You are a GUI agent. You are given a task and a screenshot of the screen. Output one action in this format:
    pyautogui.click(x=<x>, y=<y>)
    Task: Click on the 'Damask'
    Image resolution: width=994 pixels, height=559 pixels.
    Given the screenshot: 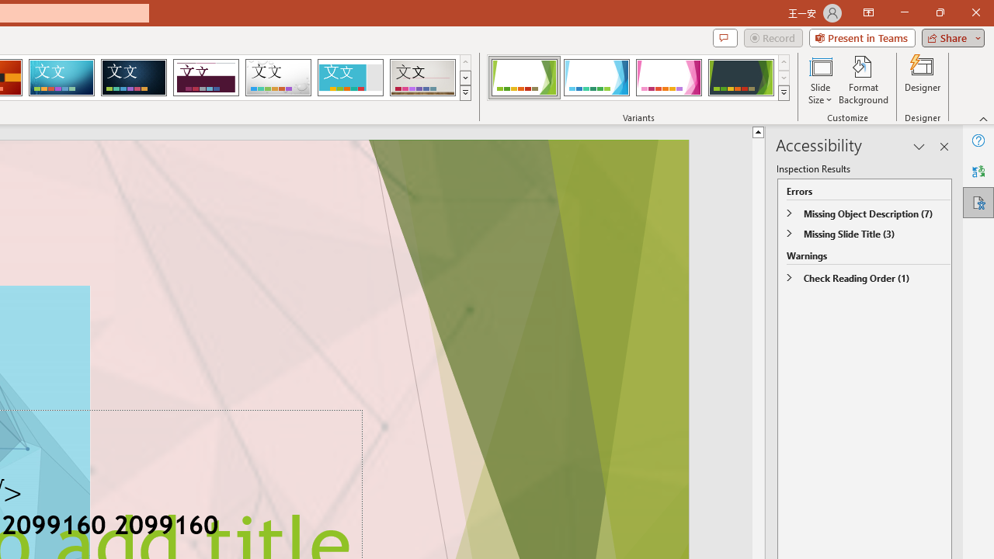 What is the action you would take?
    pyautogui.click(x=134, y=78)
    